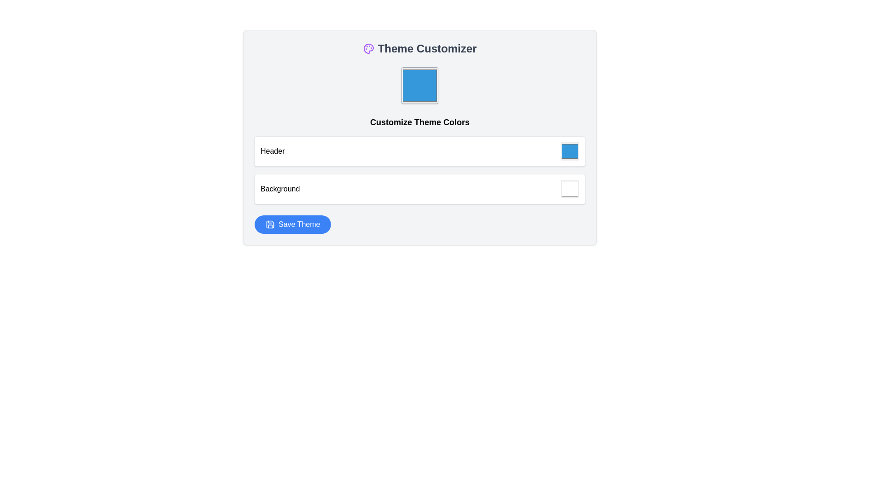  What do you see at coordinates (419, 122) in the screenshot?
I see `the text label that reads 'Customize Theme Colors', which is a prominent section heading in bold black font on a white background, located below the central blue color preview in the upper middle of the interface panel` at bounding box center [419, 122].